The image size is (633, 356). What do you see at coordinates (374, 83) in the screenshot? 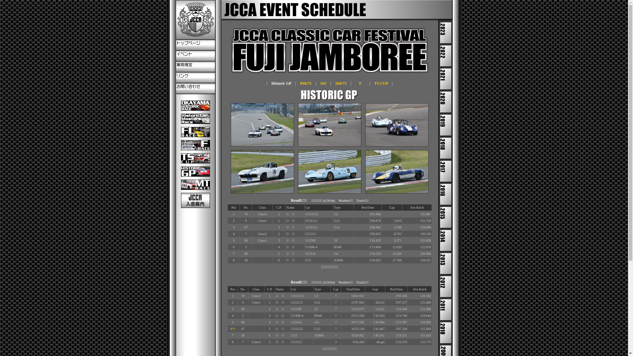
I see `'TS CUP'` at bounding box center [374, 83].